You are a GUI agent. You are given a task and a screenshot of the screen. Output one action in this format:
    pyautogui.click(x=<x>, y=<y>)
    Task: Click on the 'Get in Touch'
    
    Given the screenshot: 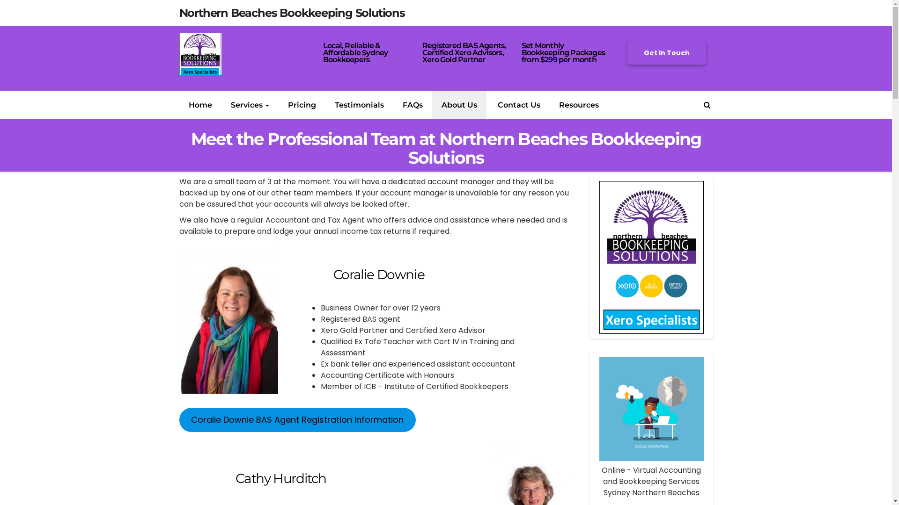 What is the action you would take?
    pyautogui.click(x=666, y=52)
    